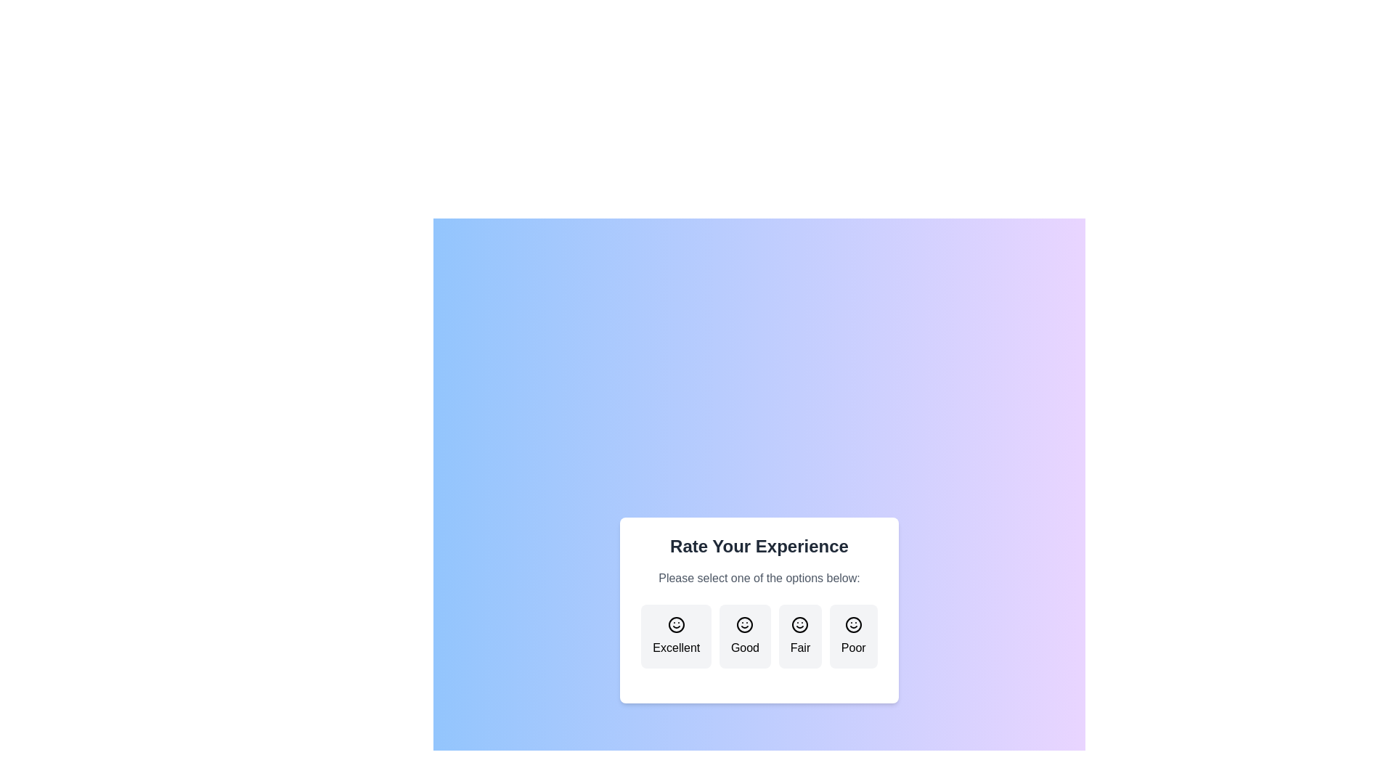 Image resolution: width=1394 pixels, height=784 pixels. What do you see at coordinates (853, 648) in the screenshot?
I see `the text label displaying 'Poor', which is positioned below the rightmost smiley face icon in the rating choice section` at bounding box center [853, 648].